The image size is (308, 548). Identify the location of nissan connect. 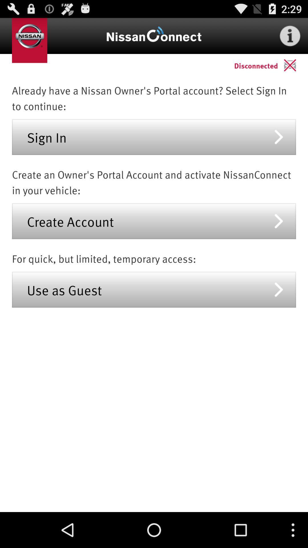
(154, 35).